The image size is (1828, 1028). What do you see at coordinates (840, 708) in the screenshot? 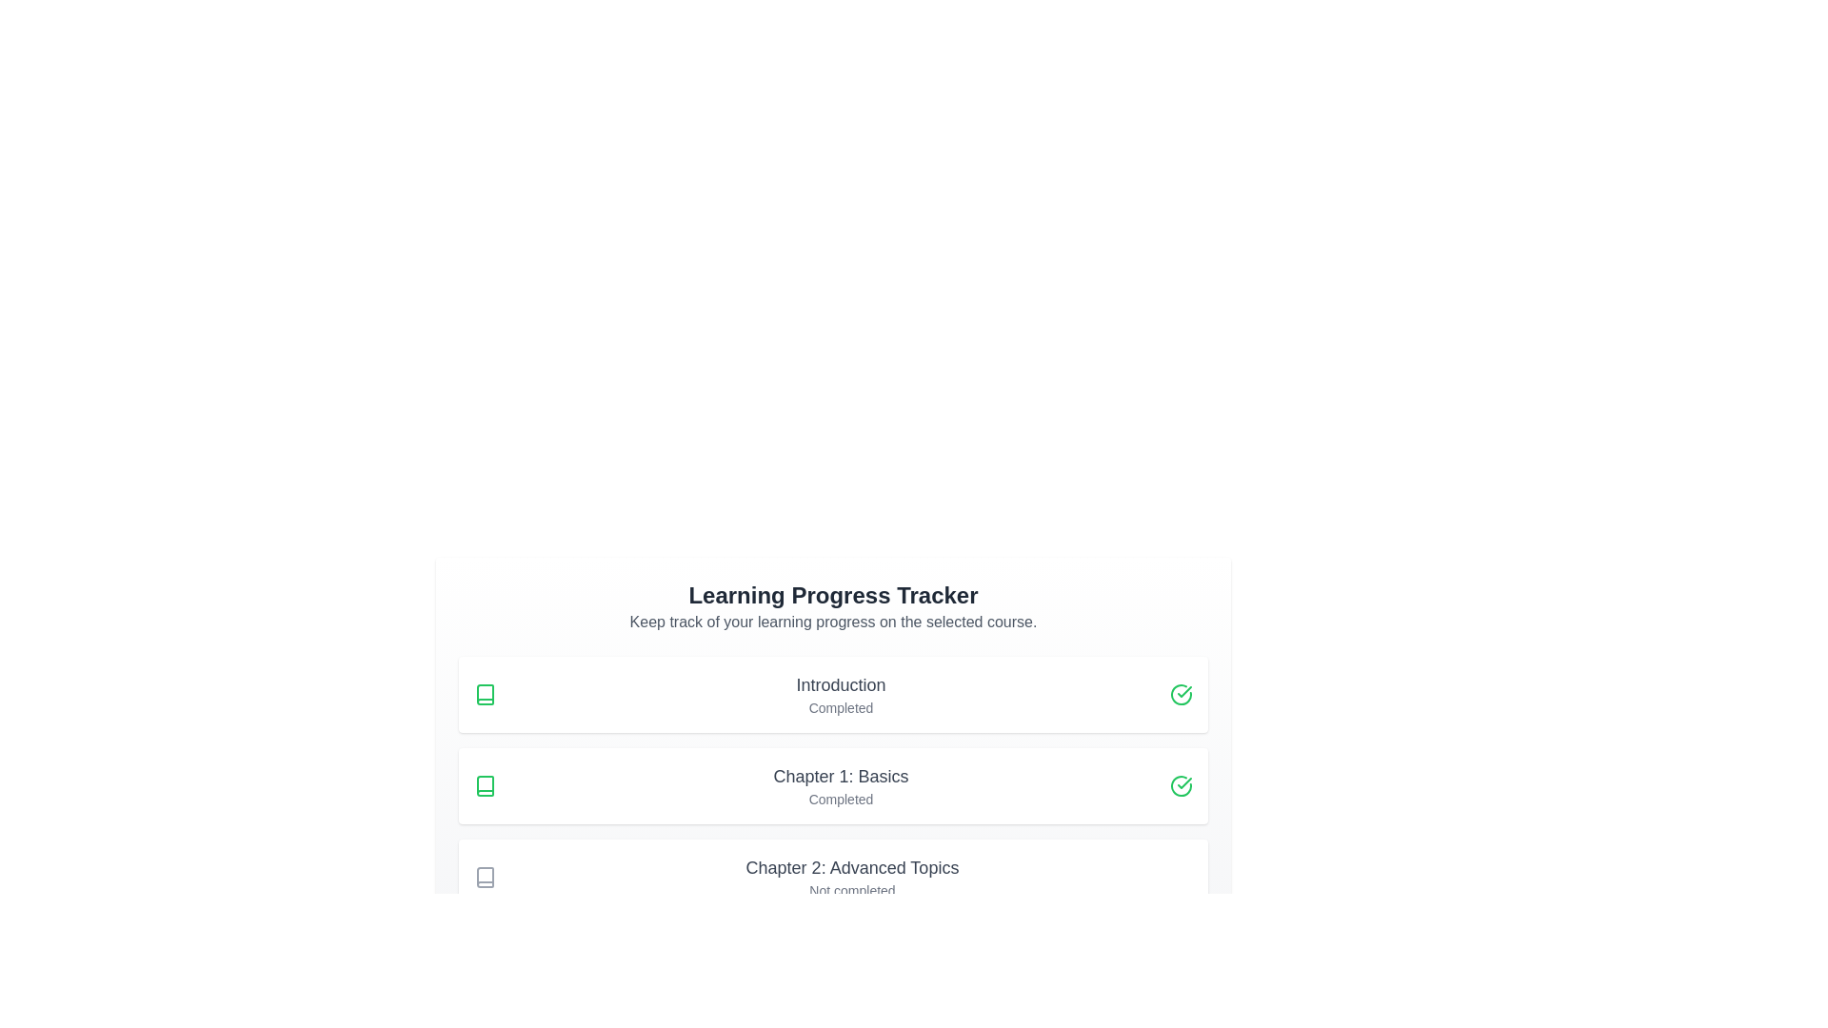
I see `the text label reading 'Completed', which is styled in light gray and located beneath the 'Introduction' text in the 'Learning Progress Tracker' interface` at bounding box center [840, 708].